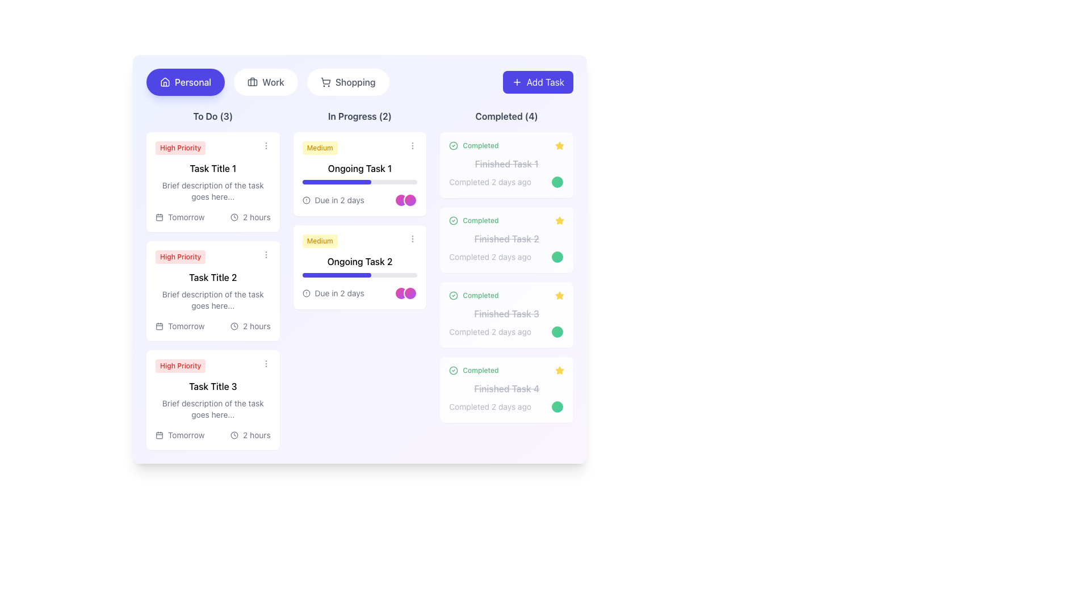 This screenshot has width=1090, height=613. I want to click on the text label that says 'Completed 2 days ago' located within the fourth task card in the 'Completed' section, which is adjacent to a green circular indicator, so click(506, 406).